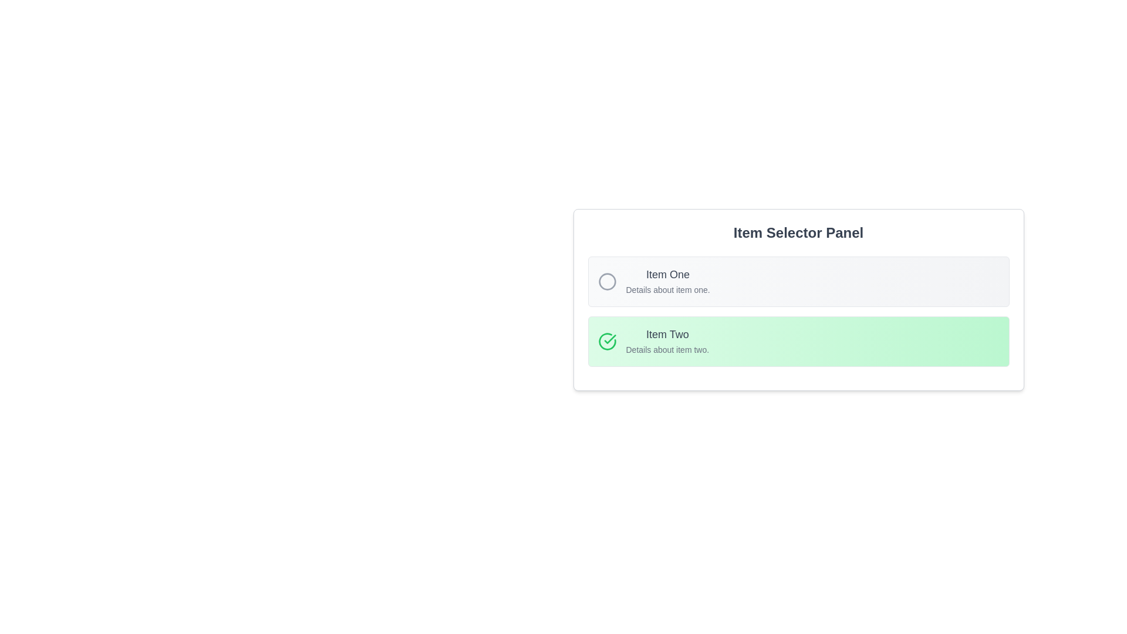 The height and width of the screenshot is (634, 1127). I want to click on the Text display block for 'Item Two' which is part of the 'Item Selector Panel' and is visually distinct with a light green background and rounded borders, so click(667, 342).